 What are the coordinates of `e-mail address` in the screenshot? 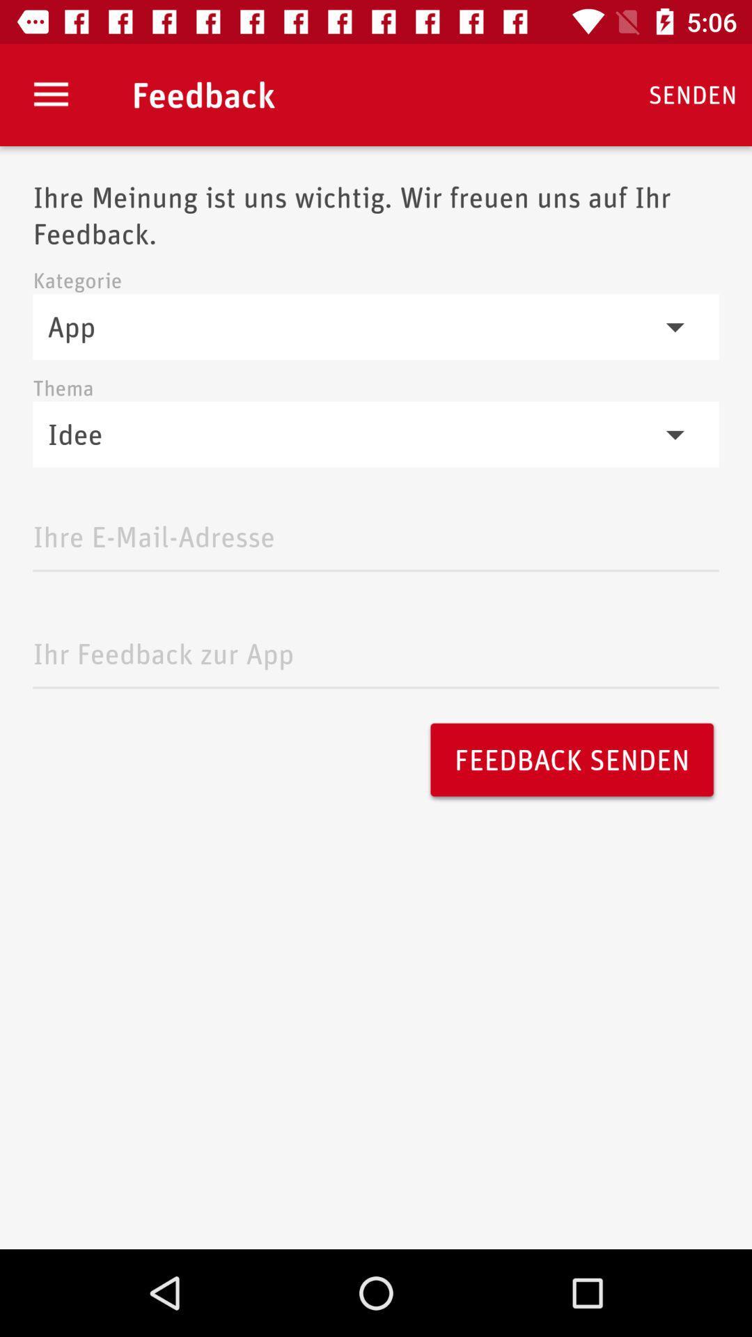 It's located at (376, 532).